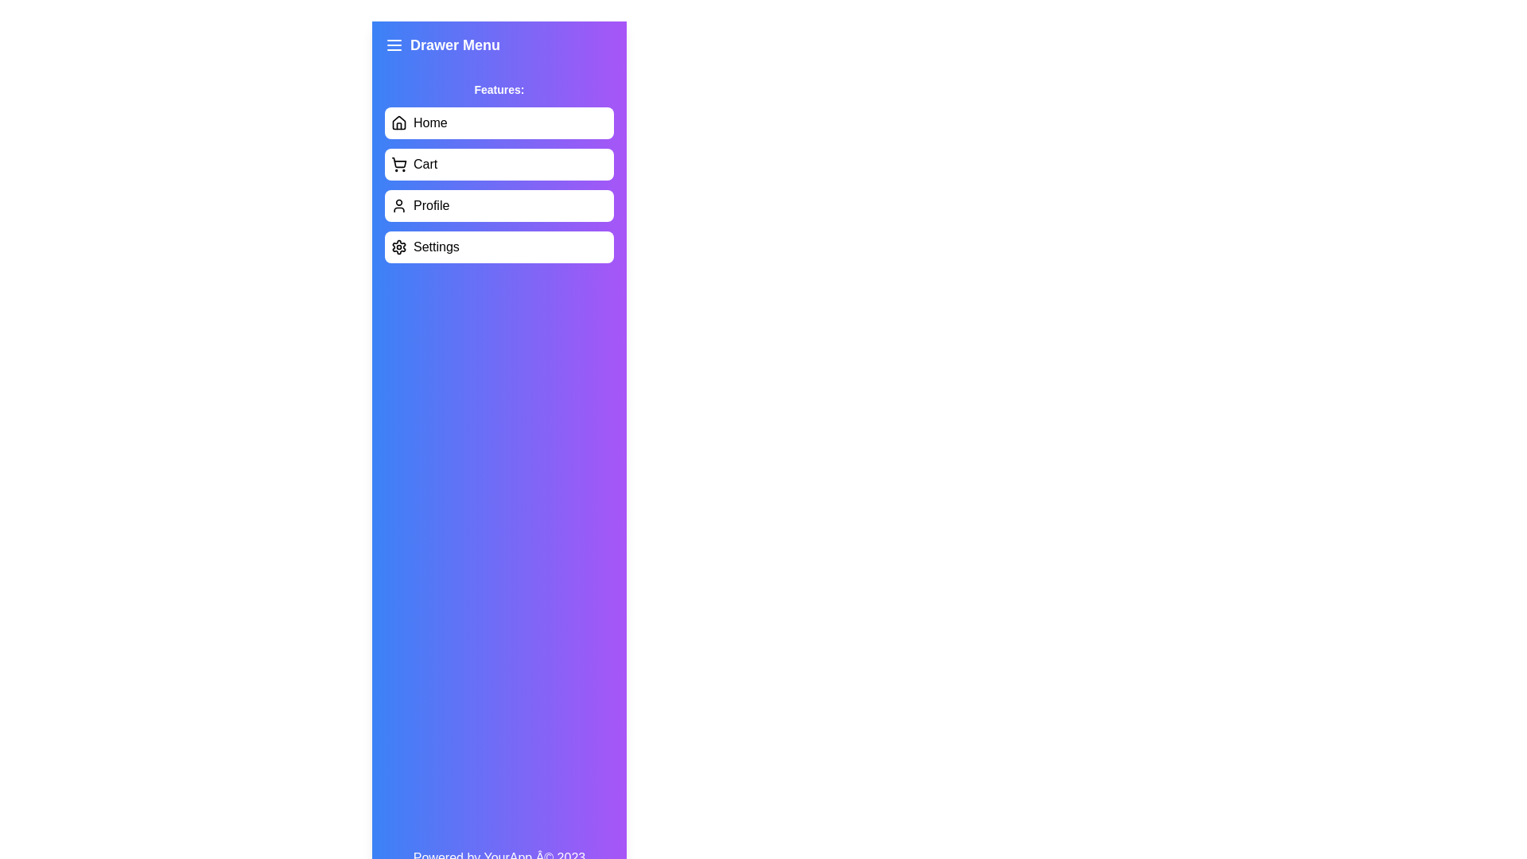 This screenshot has width=1527, height=859. What do you see at coordinates (425, 165) in the screenshot?
I see `the 'Cart' label in the sidebar menu, which is the second button in a vertical list of four options, positioned below 'Home' and above 'Profile'` at bounding box center [425, 165].